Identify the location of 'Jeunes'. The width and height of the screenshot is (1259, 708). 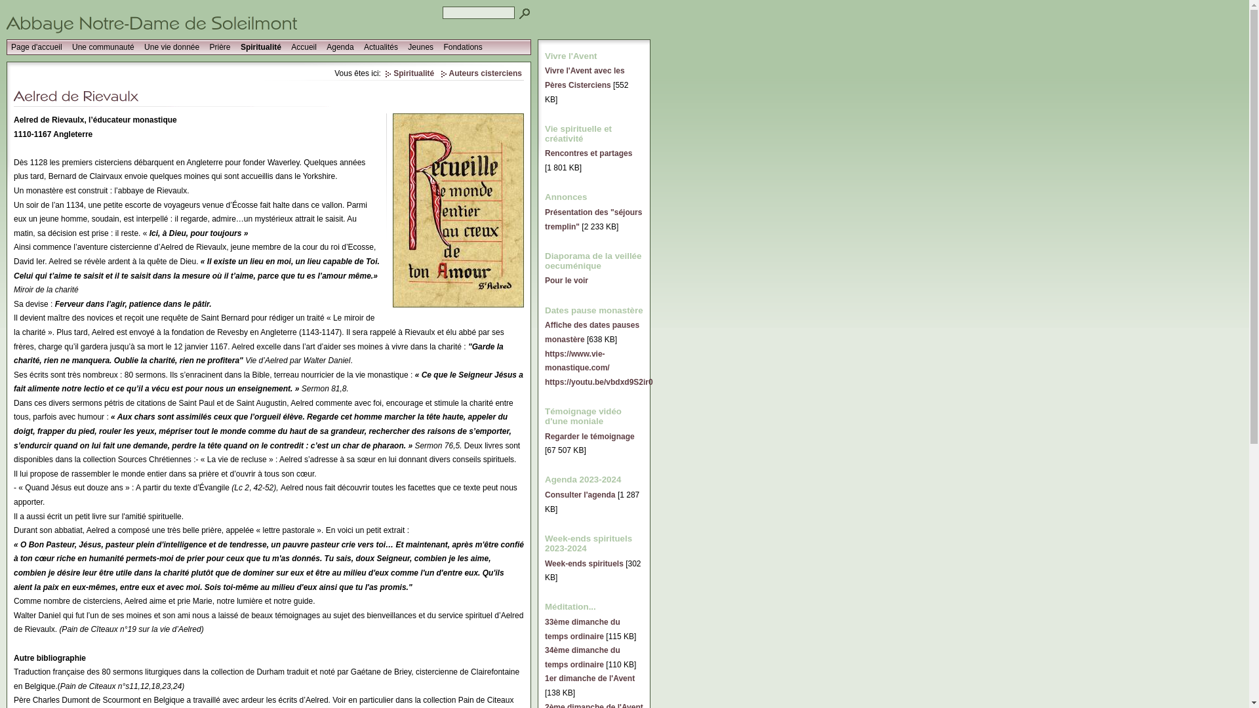
(403, 47).